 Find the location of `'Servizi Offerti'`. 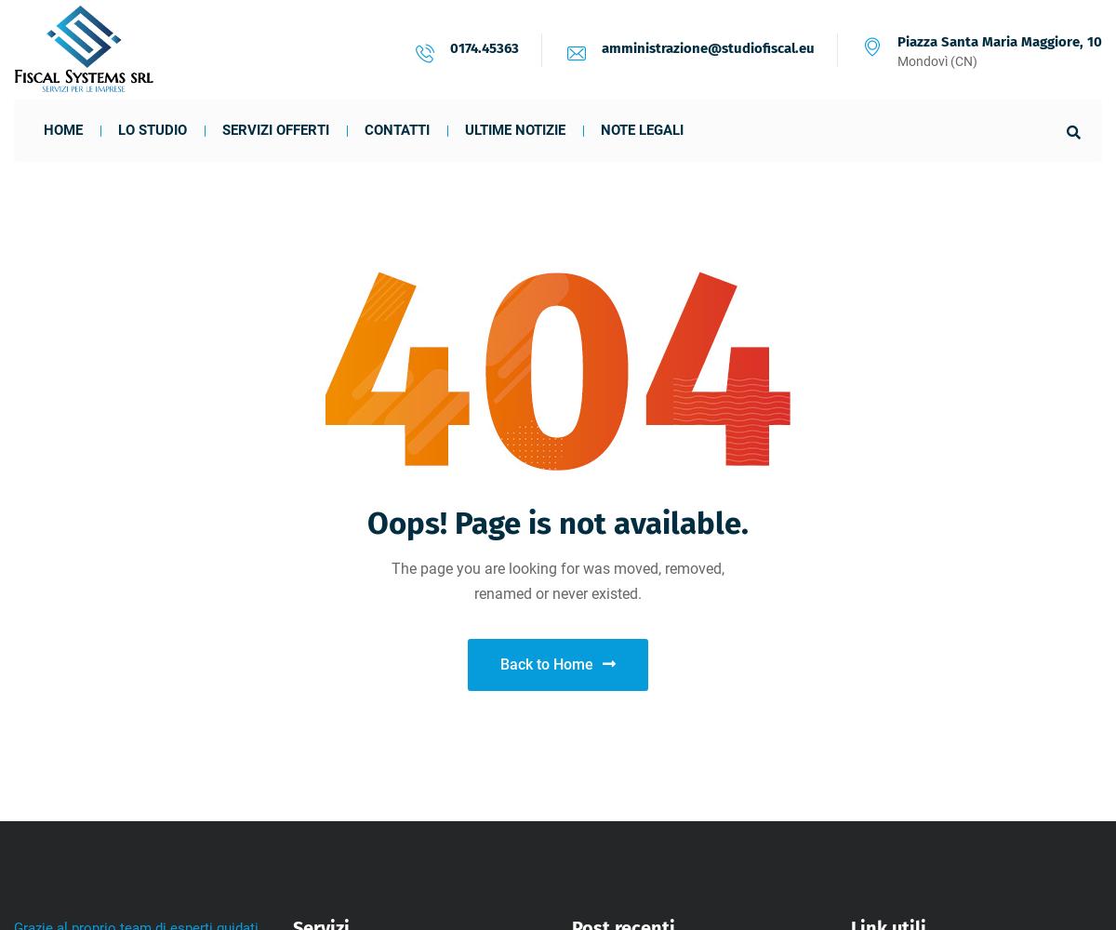

'Servizi Offerti' is located at coordinates (274, 130).